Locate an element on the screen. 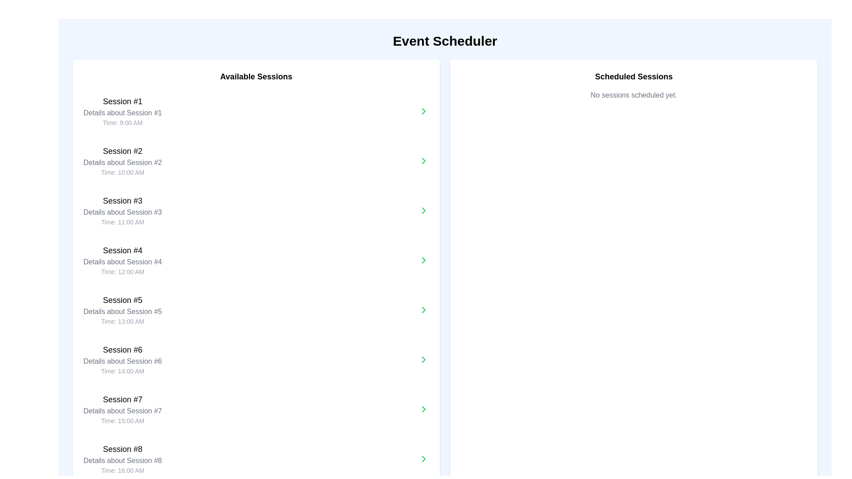  the navigational icon for 'Session #6' located at the far right of the session details is located at coordinates (423, 359).